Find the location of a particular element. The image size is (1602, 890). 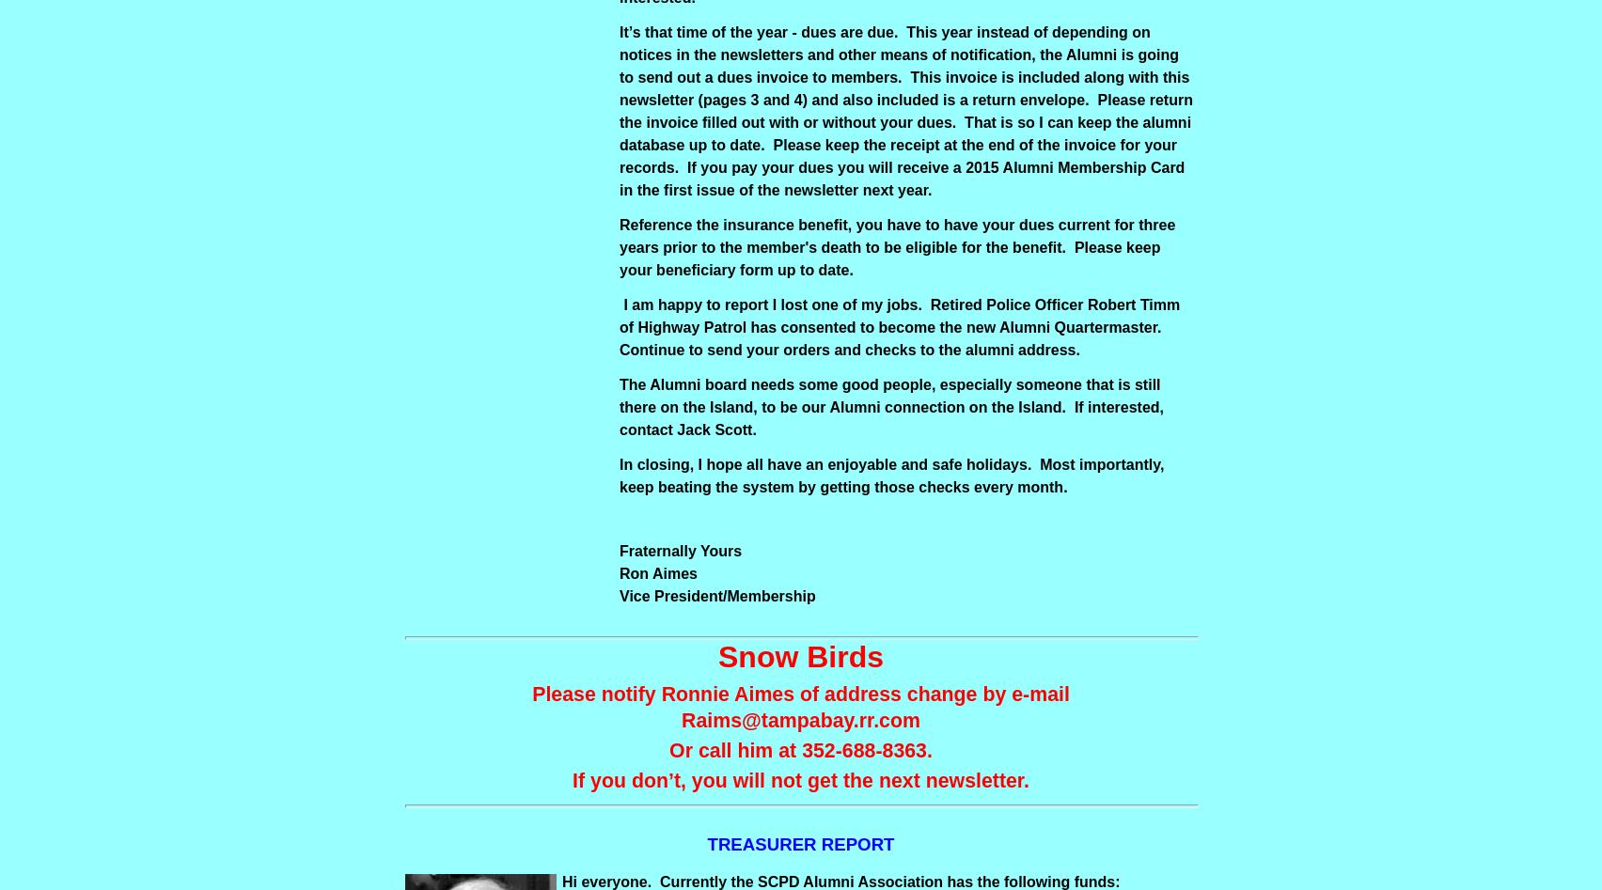

'If you don’t, you will not get the next newsletter.' is located at coordinates (573, 780).